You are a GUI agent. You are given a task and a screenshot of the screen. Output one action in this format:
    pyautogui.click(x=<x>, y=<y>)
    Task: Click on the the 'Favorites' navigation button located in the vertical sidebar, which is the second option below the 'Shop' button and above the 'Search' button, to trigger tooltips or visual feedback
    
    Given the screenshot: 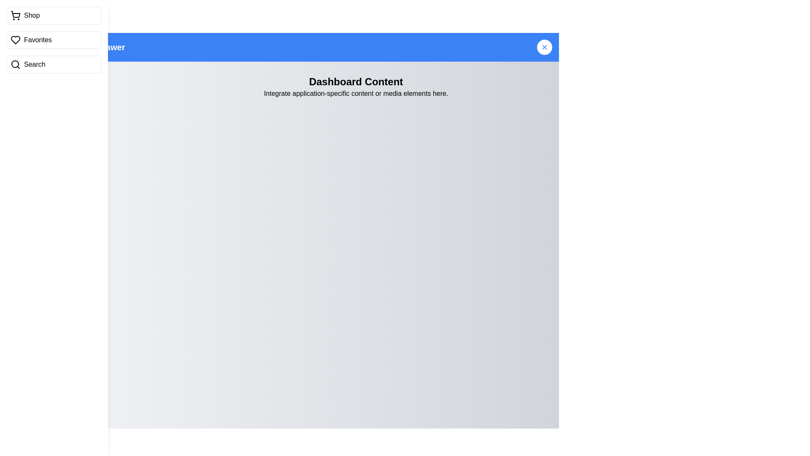 What is the action you would take?
    pyautogui.click(x=54, y=40)
    